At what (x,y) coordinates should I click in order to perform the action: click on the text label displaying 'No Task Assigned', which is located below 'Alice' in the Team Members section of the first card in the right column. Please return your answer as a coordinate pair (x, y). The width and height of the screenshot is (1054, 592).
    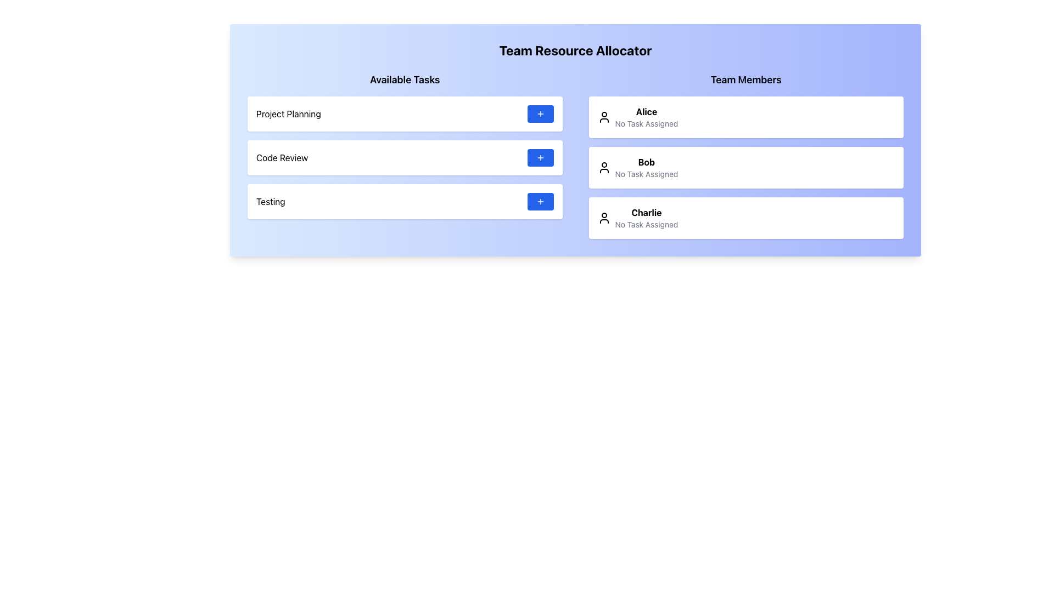
    Looking at the image, I should click on (646, 123).